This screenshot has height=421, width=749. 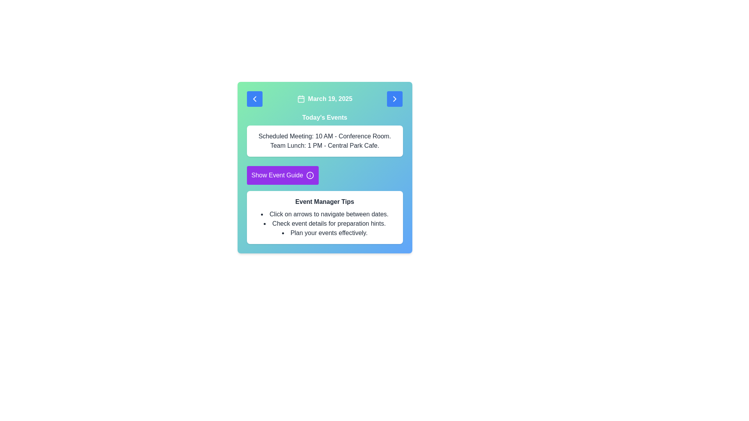 What do you see at coordinates (325, 214) in the screenshot?
I see `the text element that instructs 'Click on arrows to navigate between dates.' located in the 'Event Manager Tips' section of the card-style panel` at bounding box center [325, 214].